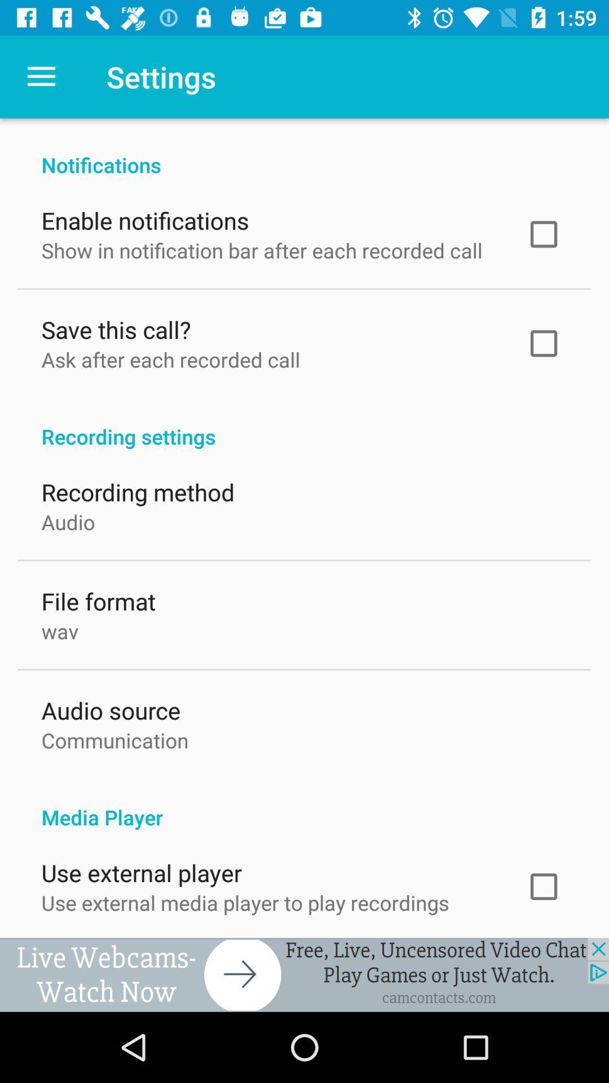  What do you see at coordinates (304, 974) in the screenshot?
I see `advertisement link` at bounding box center [304, 974].